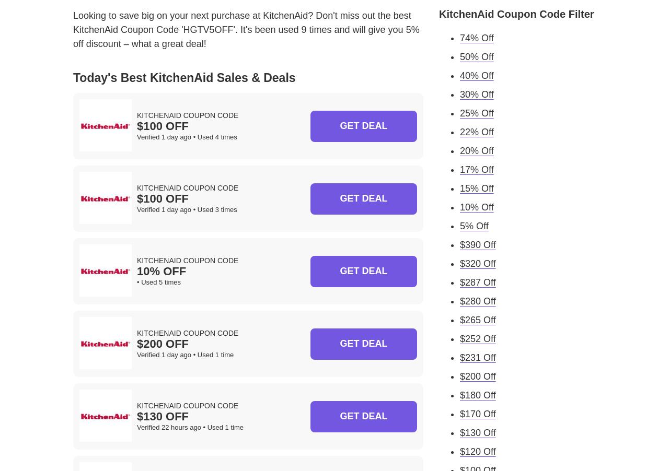  Describe the element at coordinates (477, 394) in the screenshot. I see `'$180 Off'` at that location.